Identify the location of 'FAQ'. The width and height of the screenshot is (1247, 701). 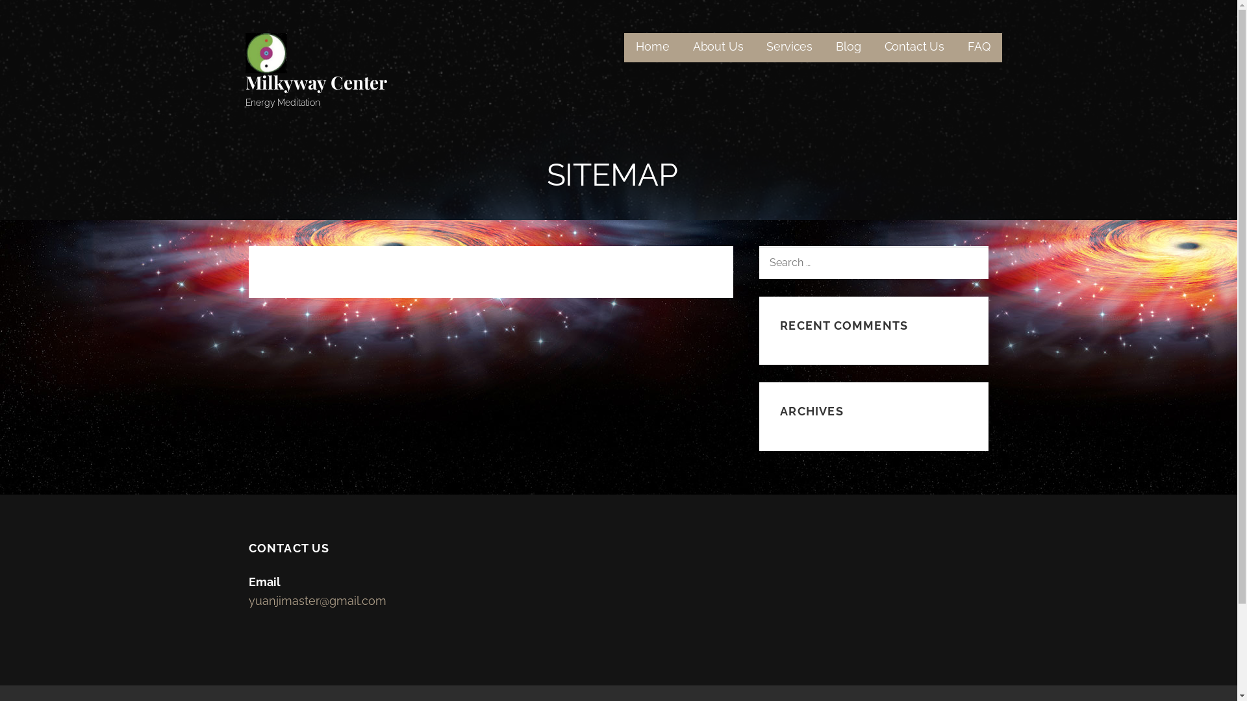
(979, 47).